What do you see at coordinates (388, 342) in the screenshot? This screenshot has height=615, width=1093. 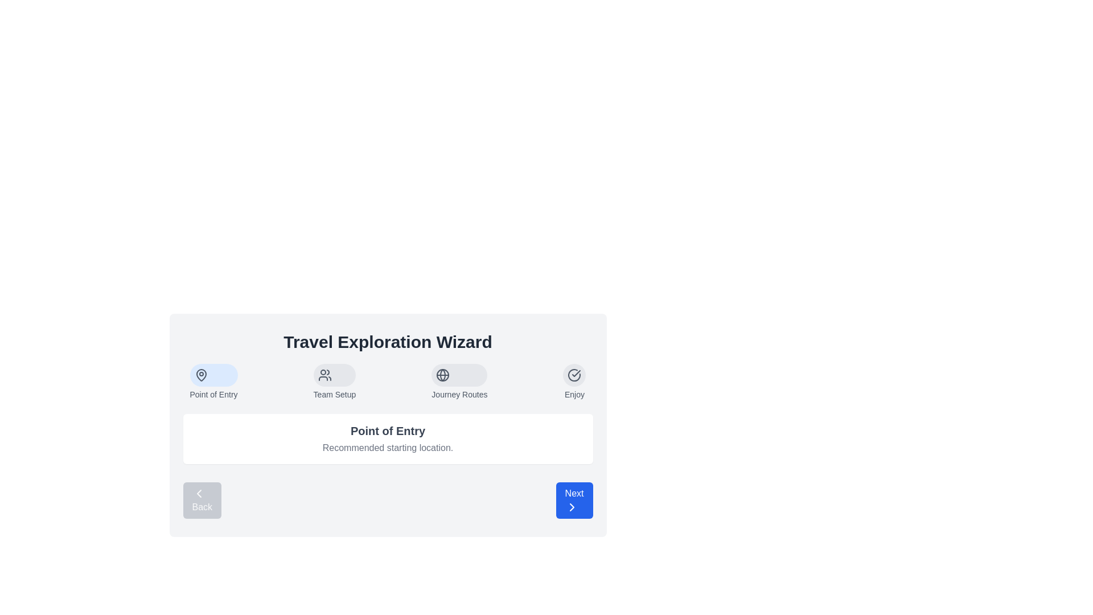 I see `the main title text label located at the top of the panel, which provides a clear description of the section's content and is centered above the icons and labels` at bounding box center [388, 342].